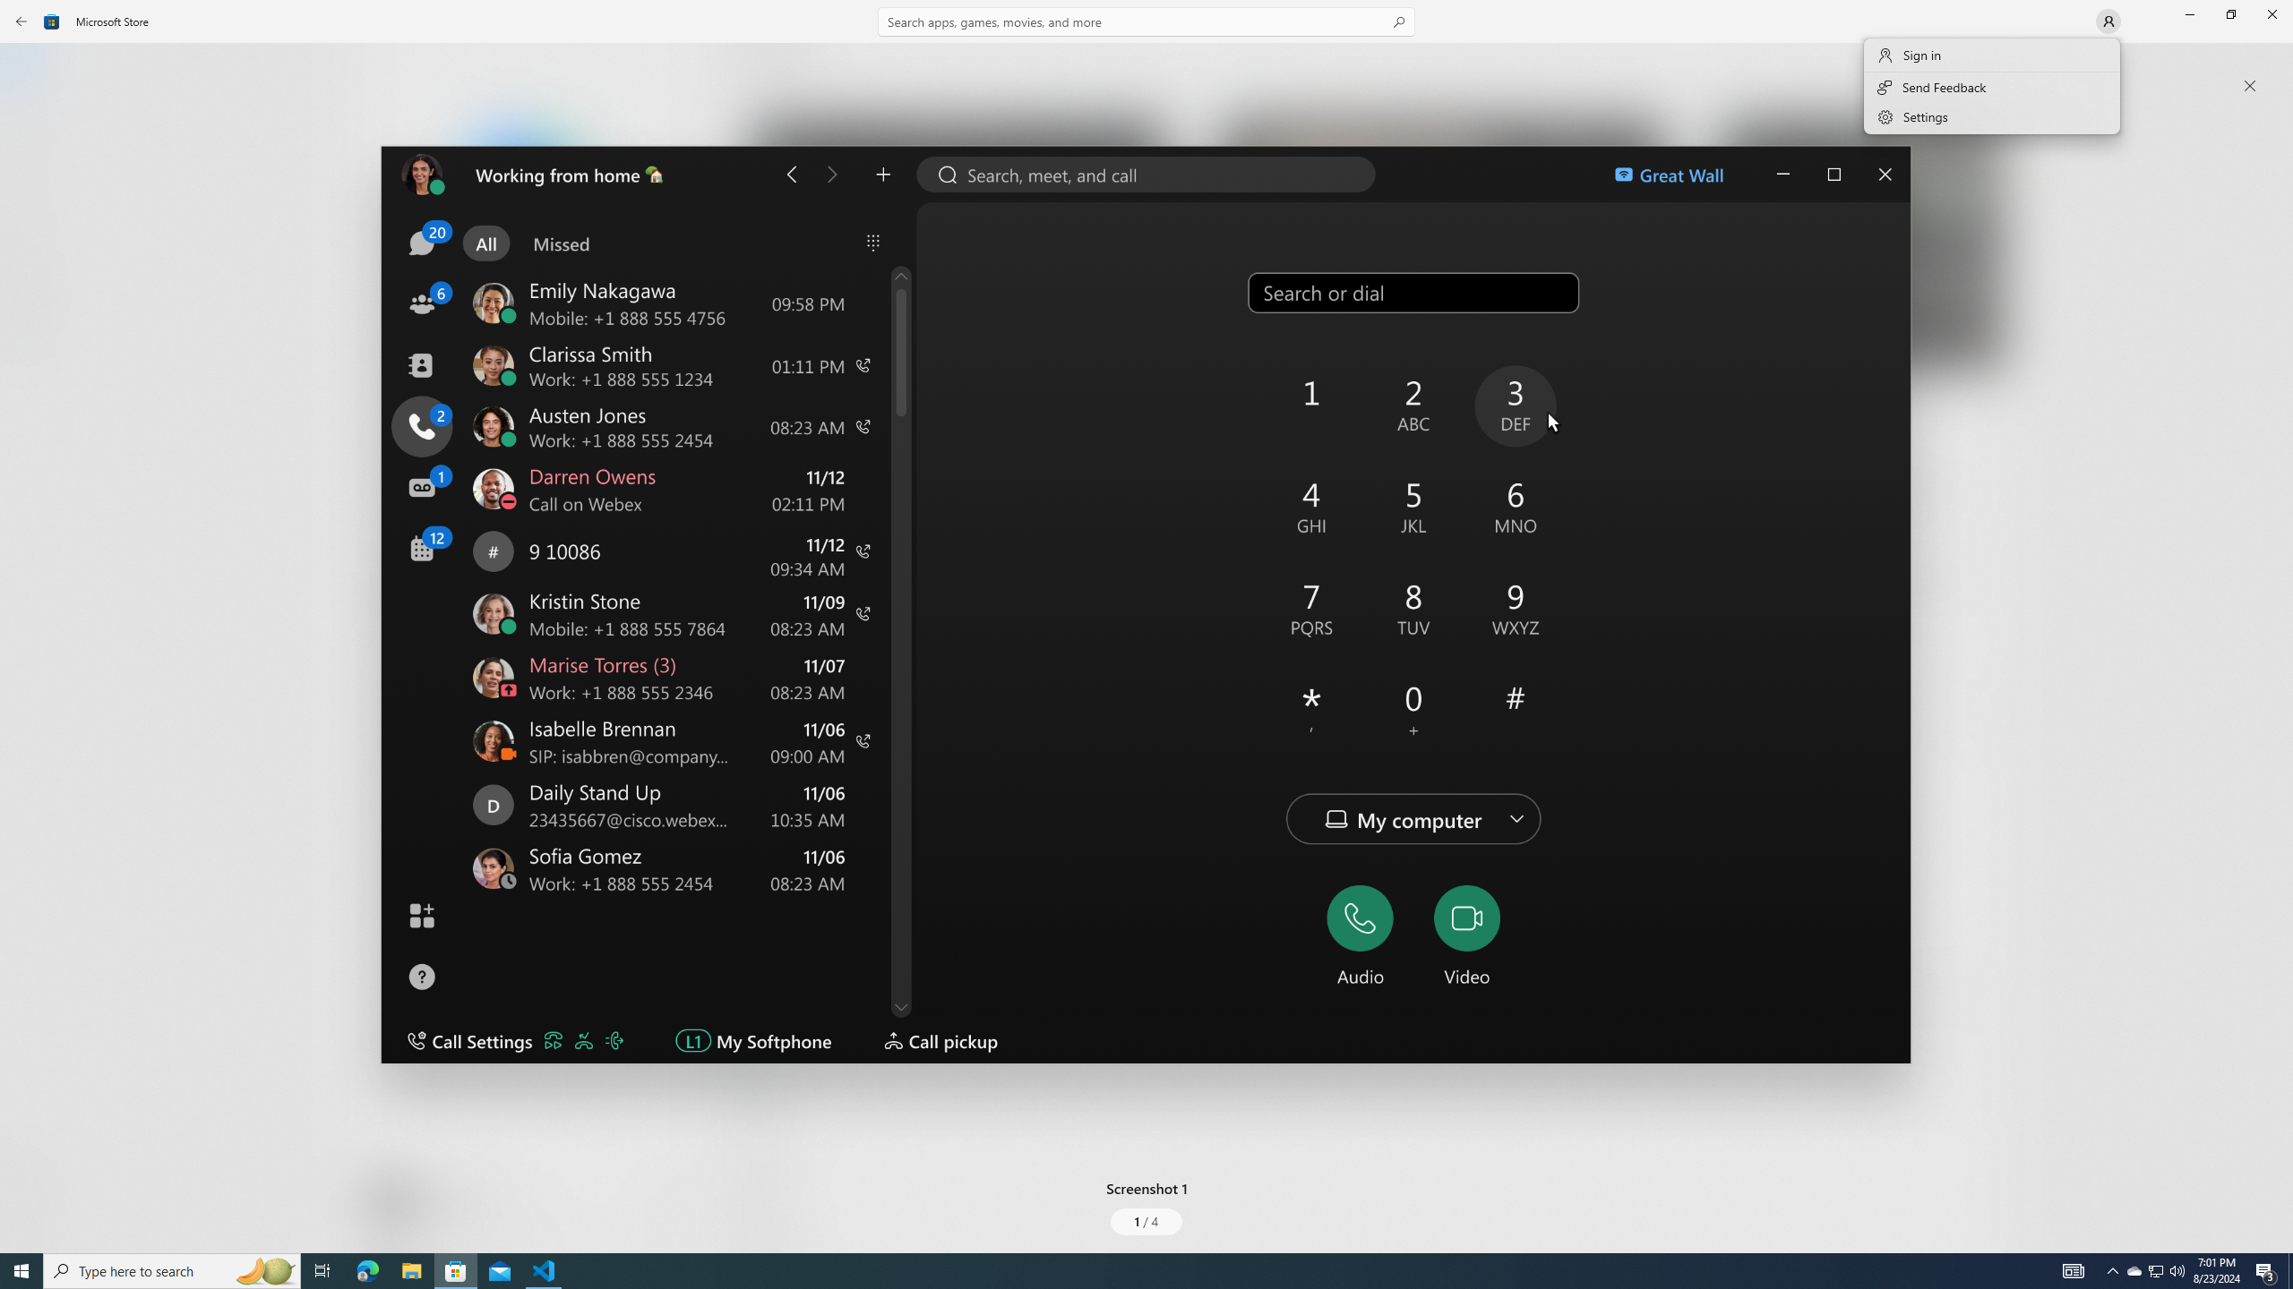 The width and height of the screenshot is (2293, 1289). I want to click on 'Back', so click(21, 20).